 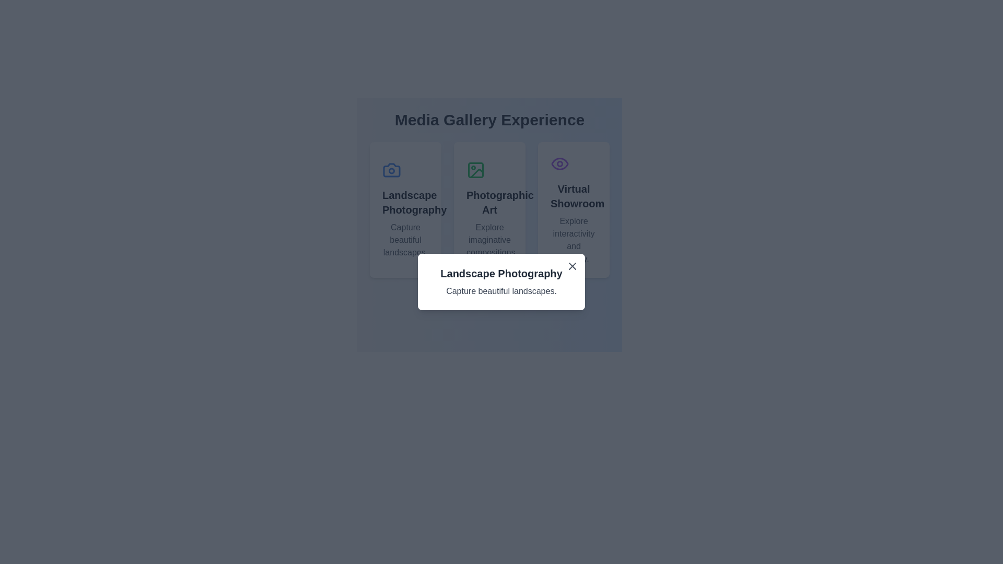 I want to click on the second card titled 'Photographic Art', so click(x=489, y=209).